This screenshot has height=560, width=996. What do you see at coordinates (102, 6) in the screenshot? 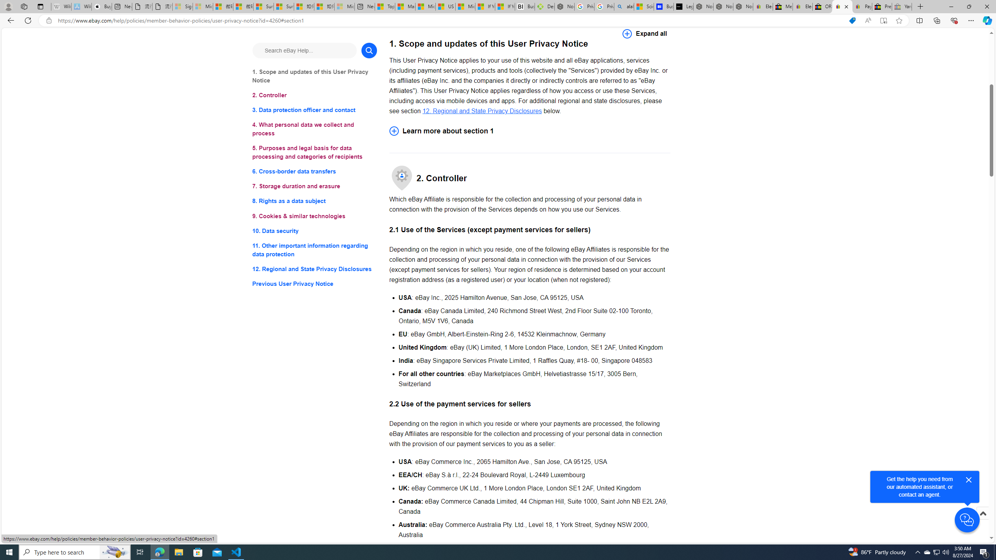
I see `'Buy iPad - Apple'` at bounding box center [102, 6].